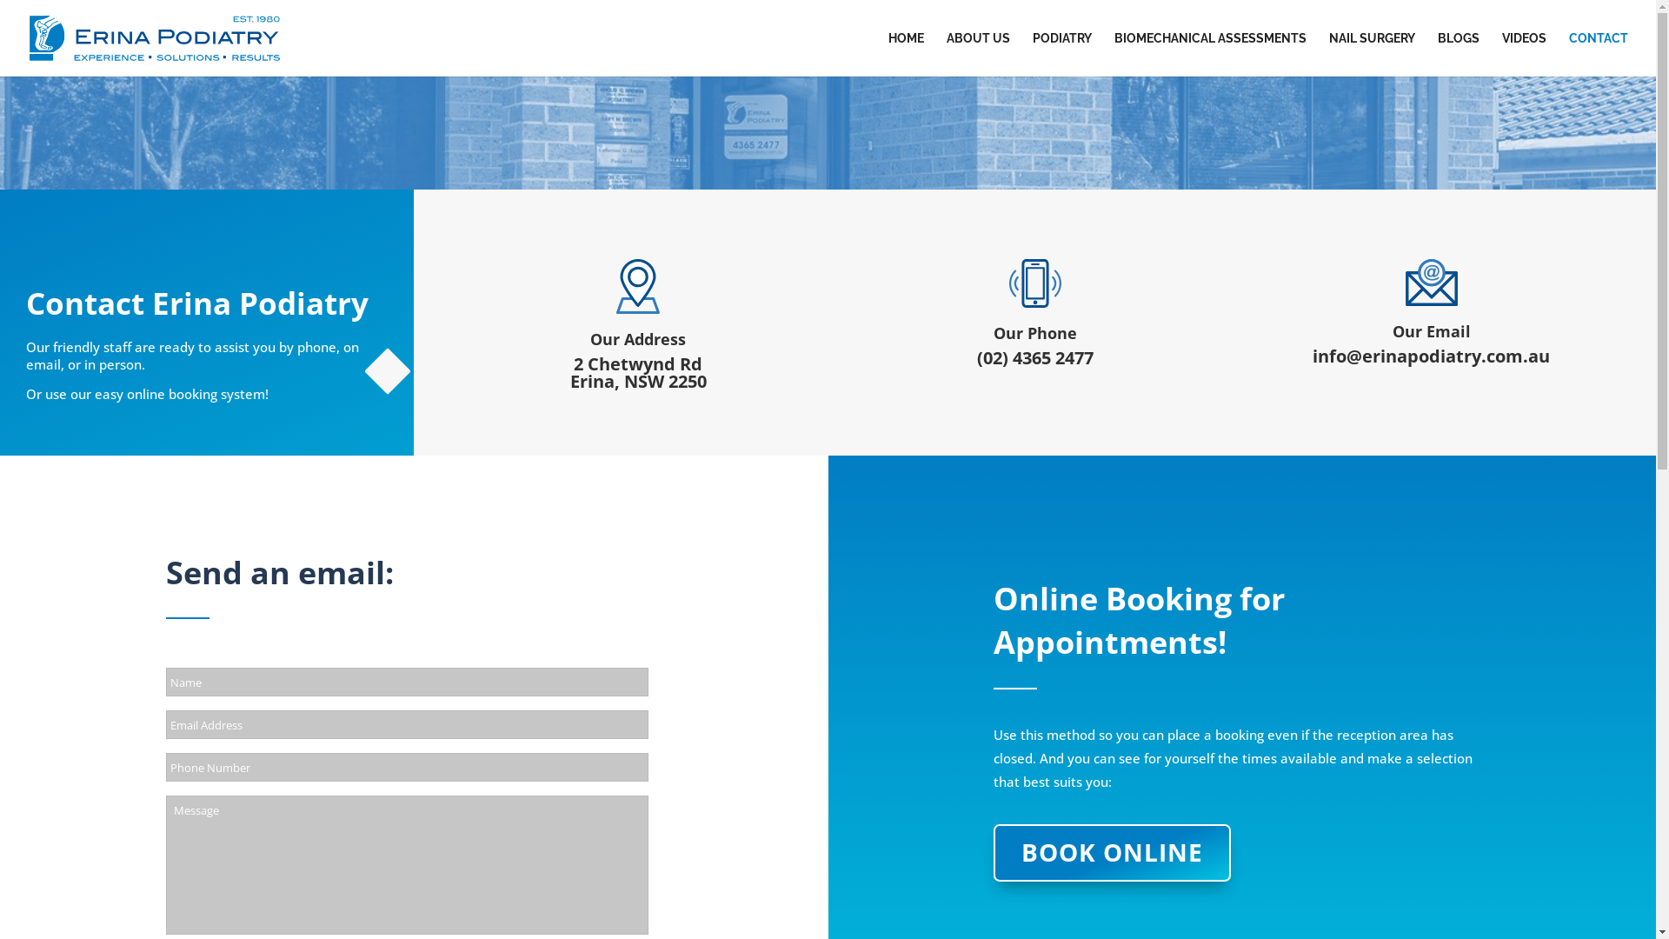 This screenshot has height=939, width=1669. Describe the element at coordinates (637, 363) in the screenshot. I see `'2 Chetwynd Rd'` at that location.